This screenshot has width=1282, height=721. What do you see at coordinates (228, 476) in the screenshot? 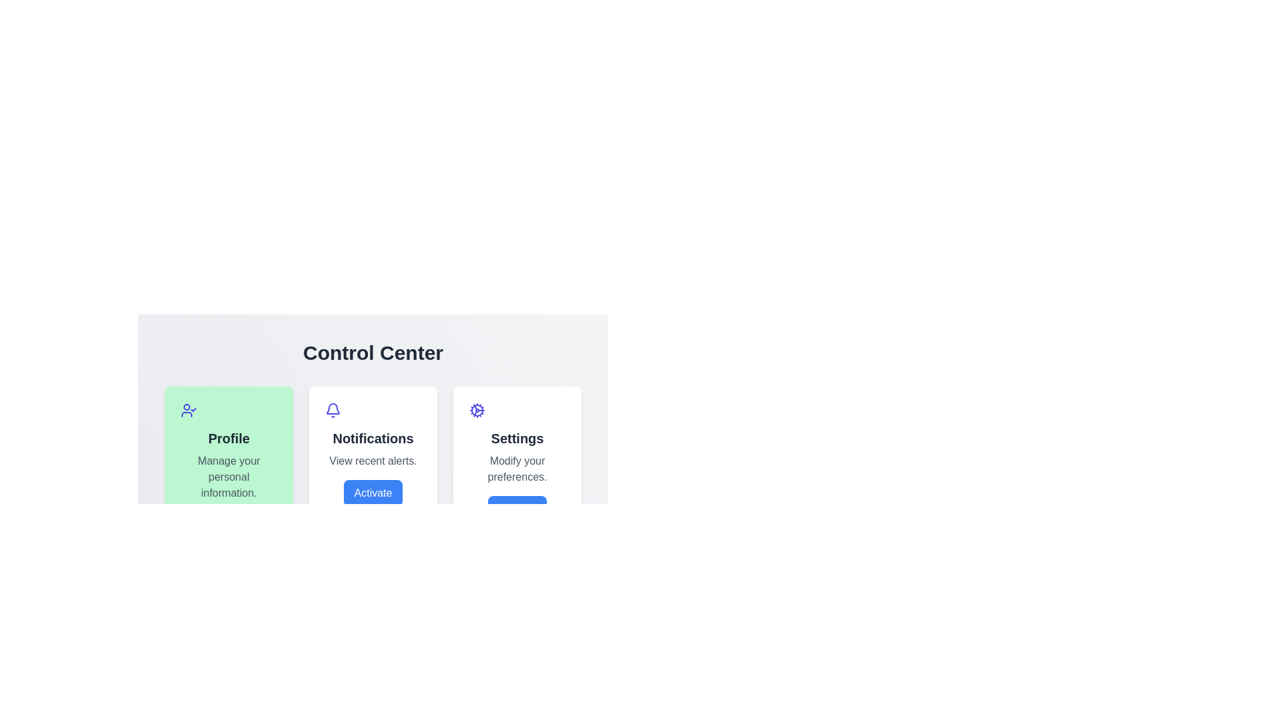
I see `the static text label that displays 'Manage your personal information.' which is positioned beneath the 'Profile' heading and above the 'Open' button` at bounding box center [228, 476].